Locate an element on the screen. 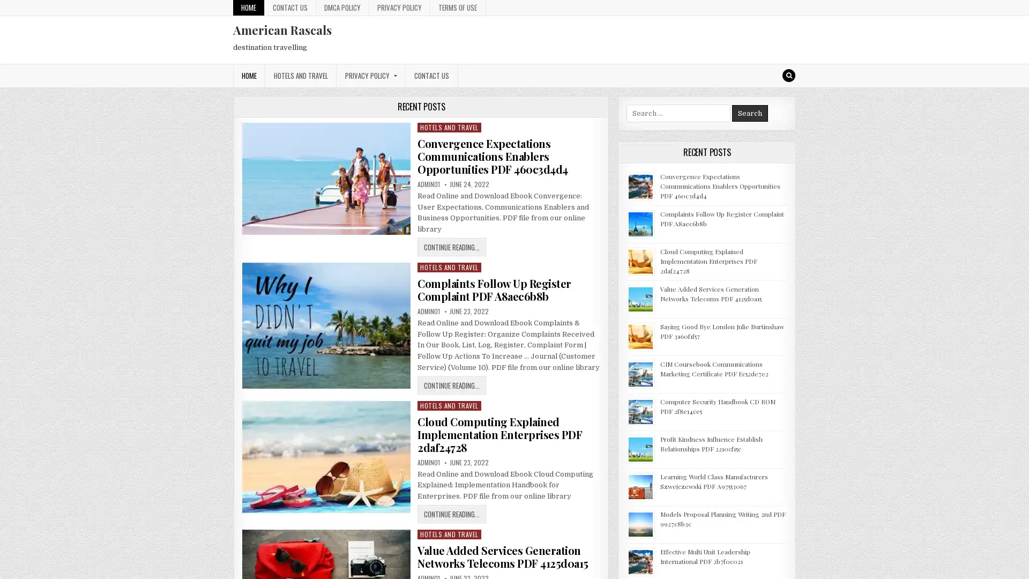  Search is located at coordinates (749, 113).